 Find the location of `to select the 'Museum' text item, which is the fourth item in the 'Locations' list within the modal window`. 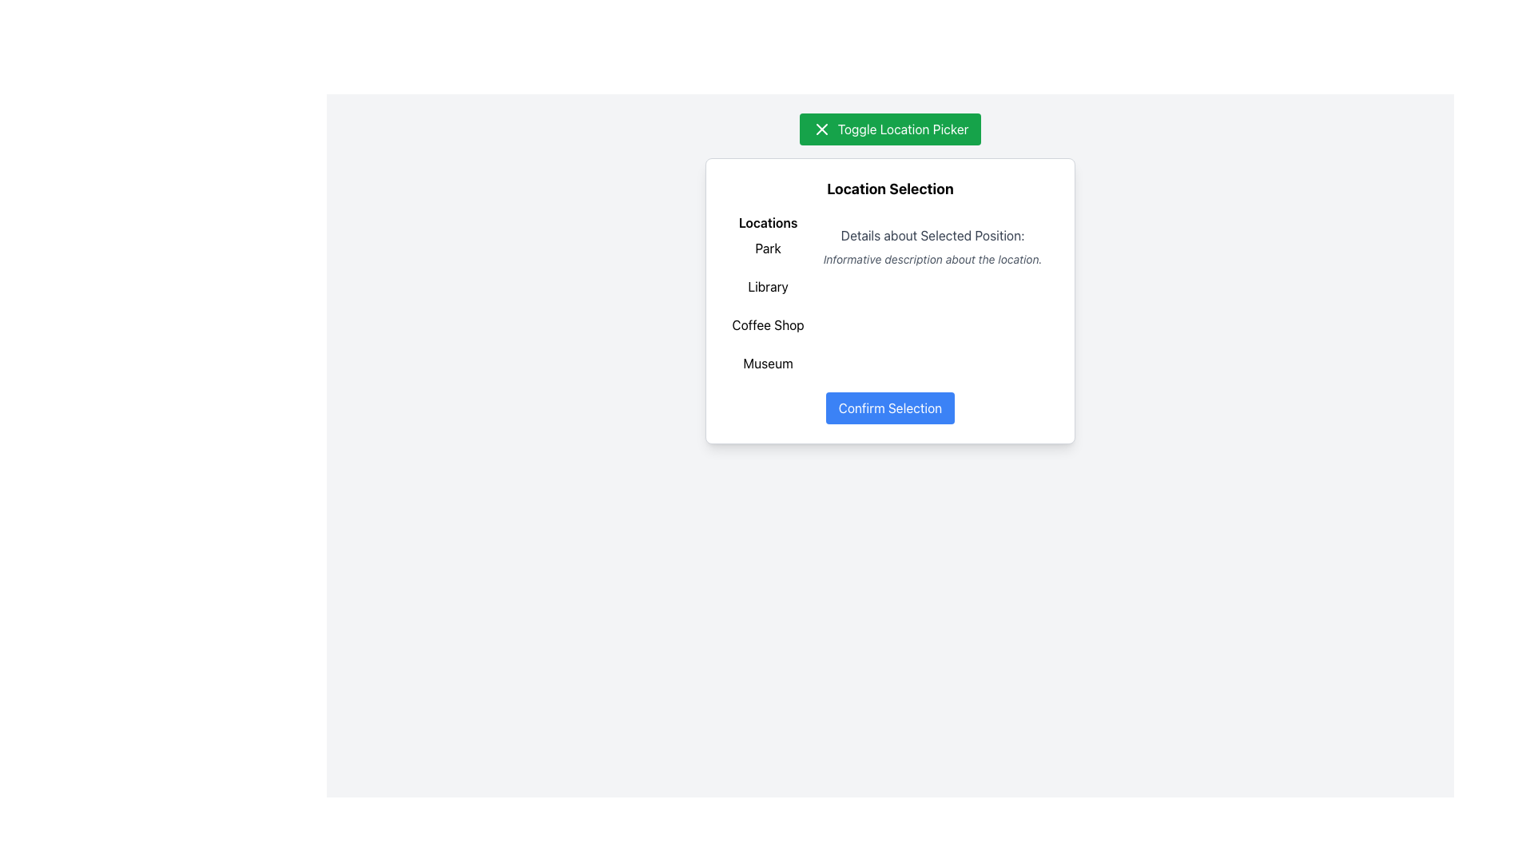

to select the 'Museum' text item, which is the fourth item in the 'Locations' list within the modal window is located at coordinates (768, 364).